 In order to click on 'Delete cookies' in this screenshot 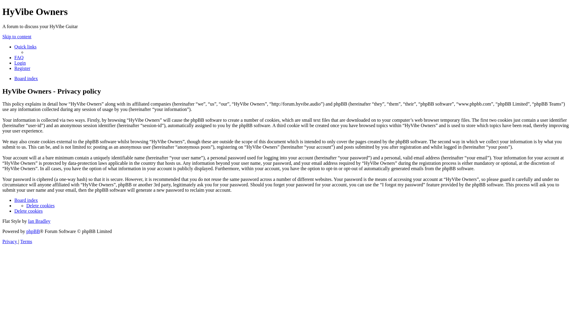, I will do `click(28, 211)`.